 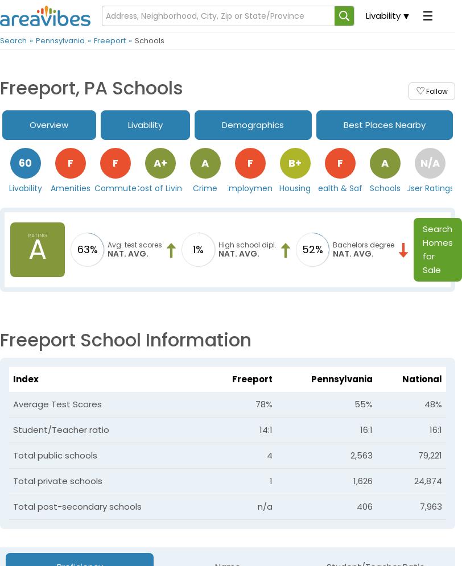 What do you see at coordinates (420, 162) in the screenshot?
I see `'N/A'` at bounding box center [420, 162].